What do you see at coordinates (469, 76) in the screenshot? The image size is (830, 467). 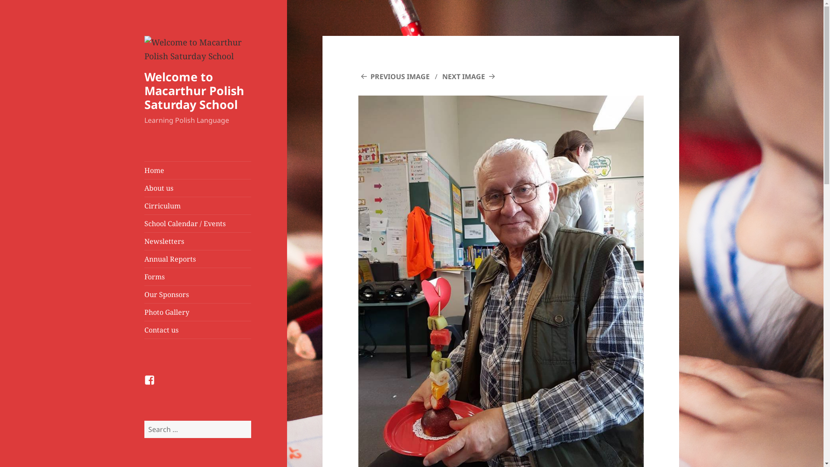 I see `'NEXT IMAGE'` at bounding box center [469, 76].